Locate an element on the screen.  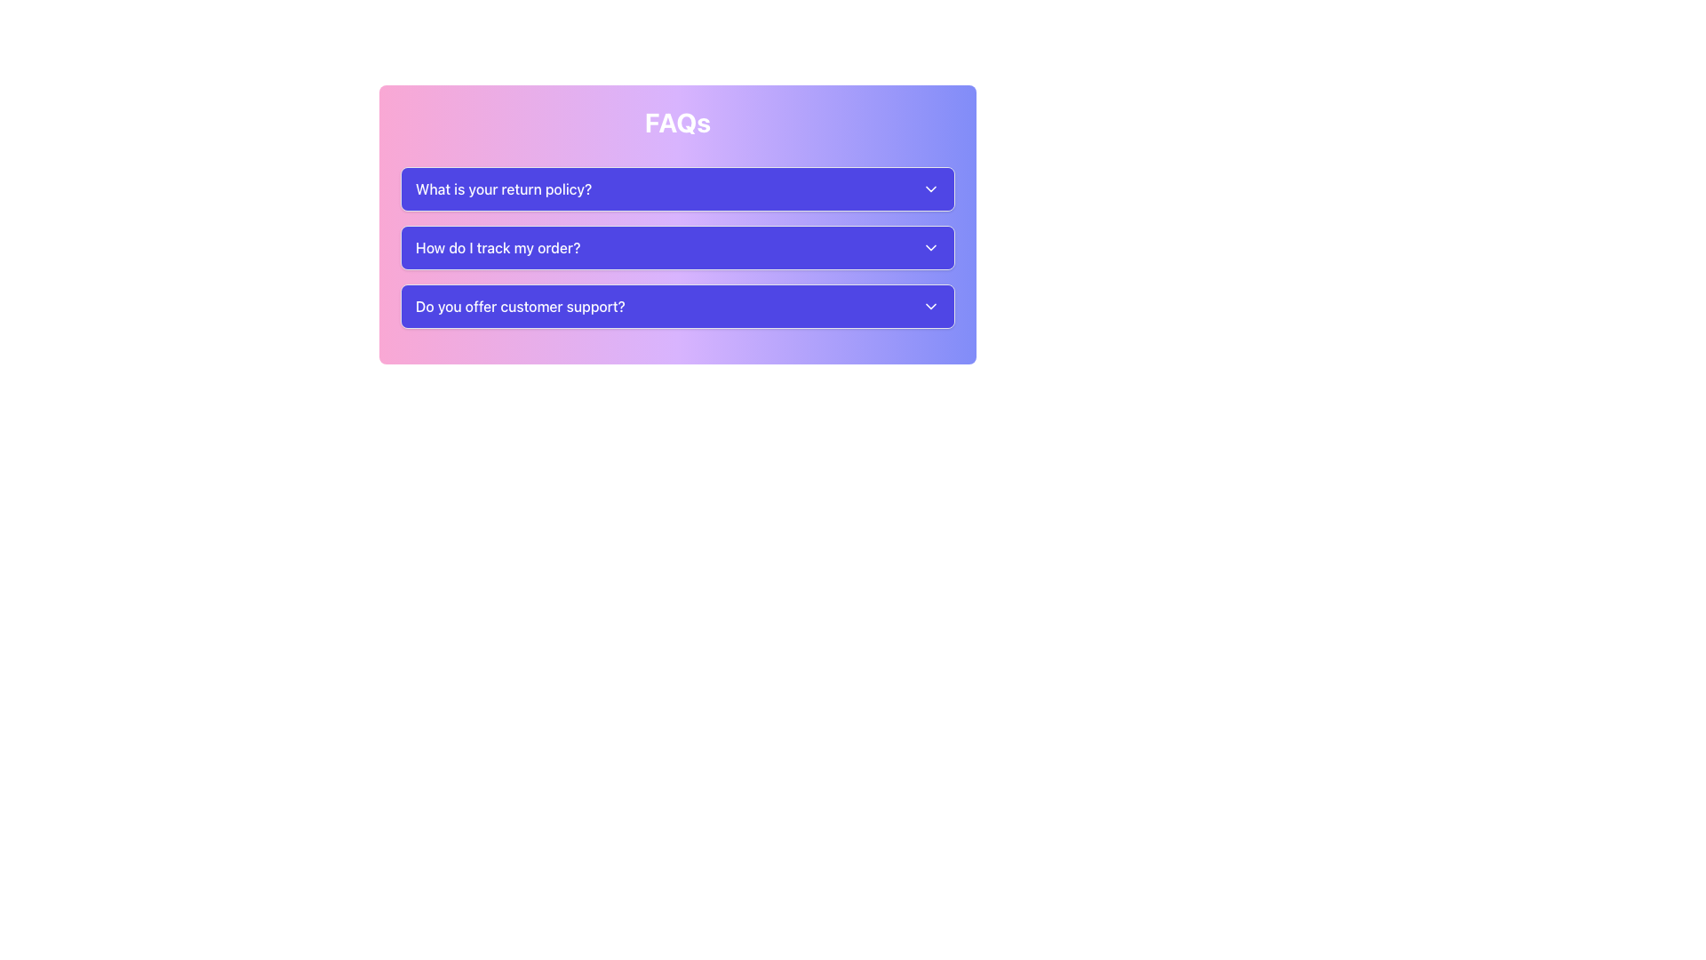
the Chevron Down icon located on the right side of the button labeled 'What is your return policy?' to receive visual feedback is located at coordinates (929, 188).